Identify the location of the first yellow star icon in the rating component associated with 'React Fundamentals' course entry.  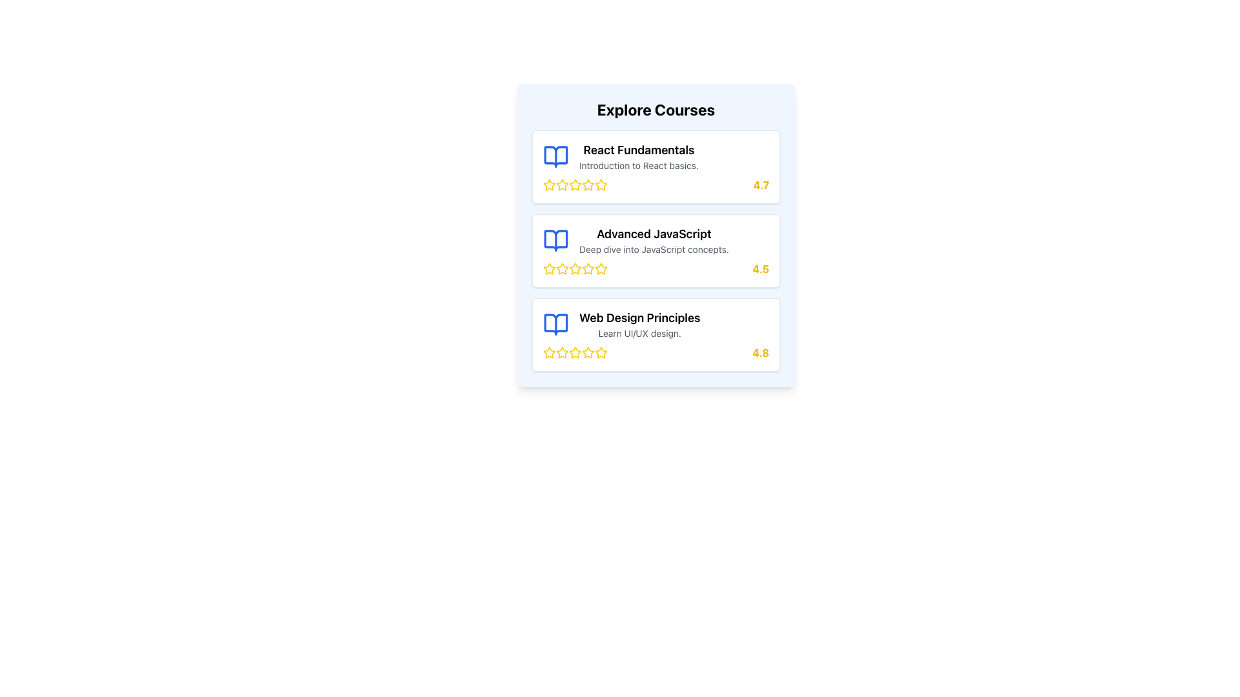
(549, 185).